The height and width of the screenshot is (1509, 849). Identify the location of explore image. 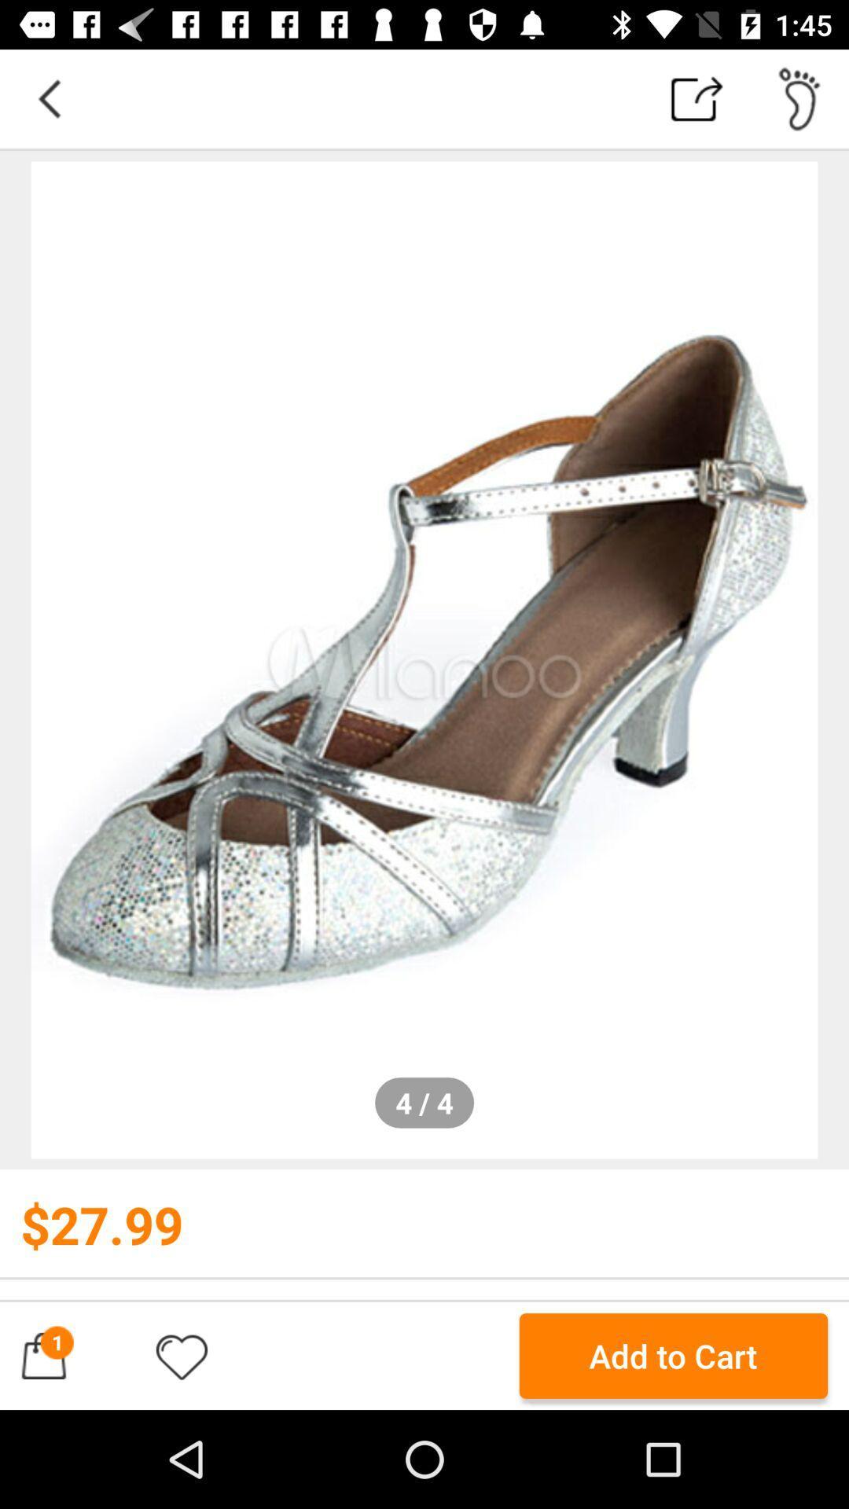
(424, 660).